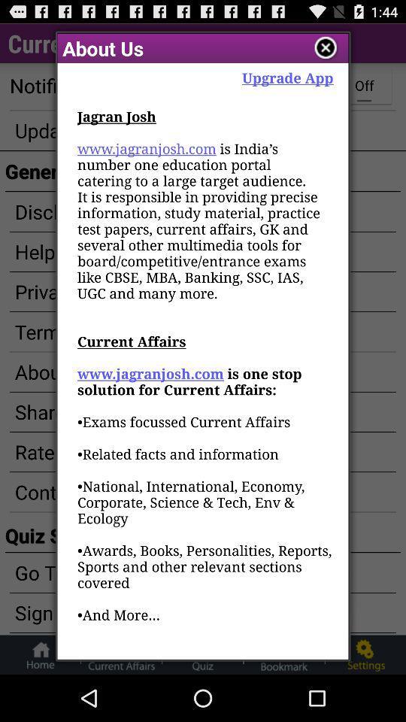 Image resolution: width=406 pixels, height=722 pixels. What do you see at coordinates (287, 77) in the screenshot?
I see `item next to the about us app` at bounding box center [287, 77].